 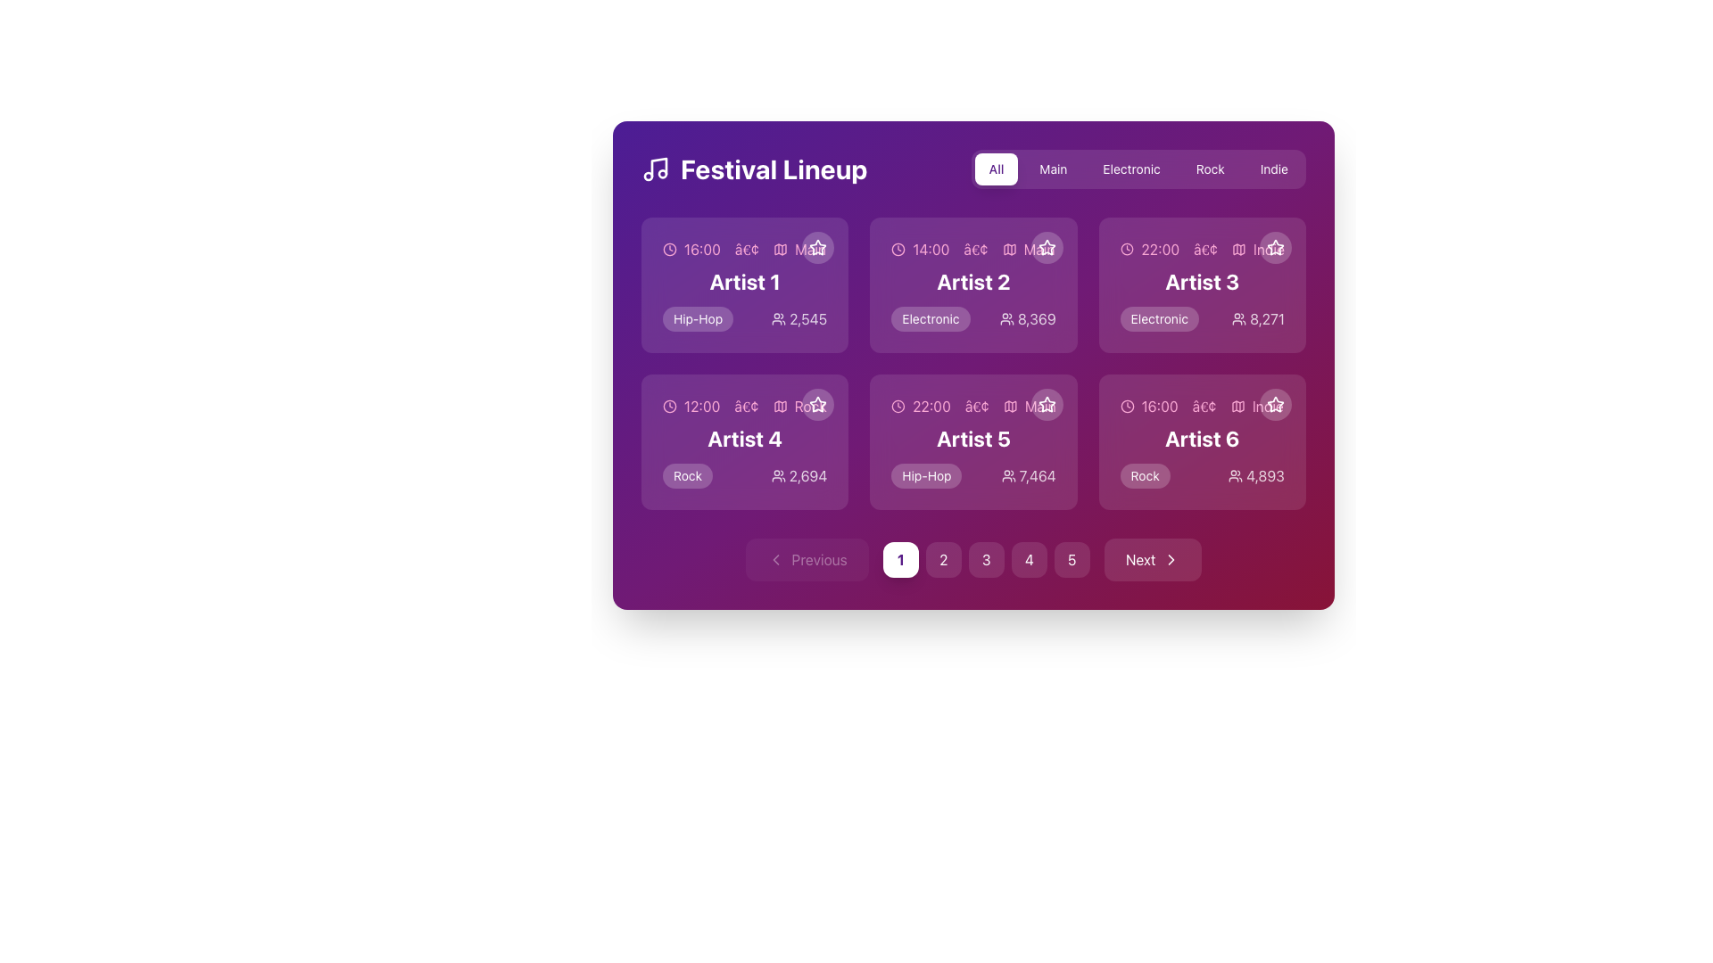 I want to click on the star-shaped icon located in the top-right corner of the 'Artist 5' card, which is positioned in the second row, second column of the grid, so click(x=1047, y=404).